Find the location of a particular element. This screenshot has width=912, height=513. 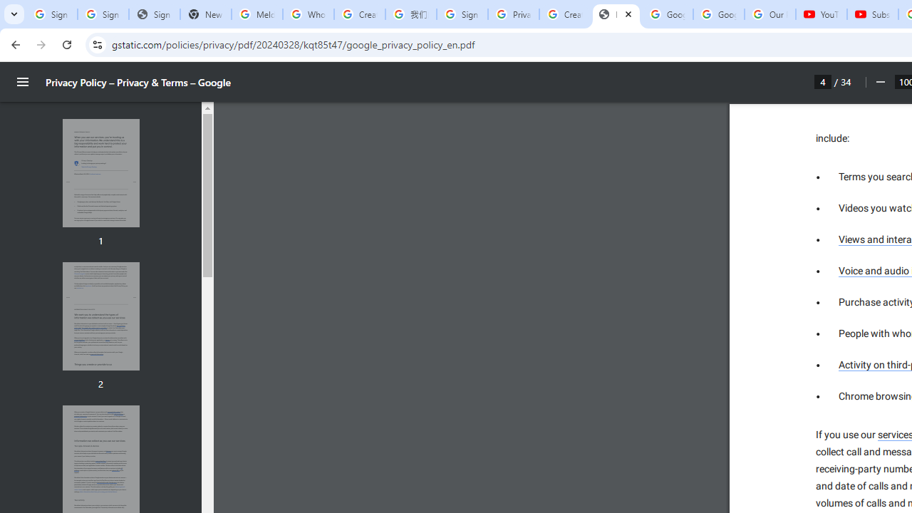

'Forward' is located at coordinates (41, 43).